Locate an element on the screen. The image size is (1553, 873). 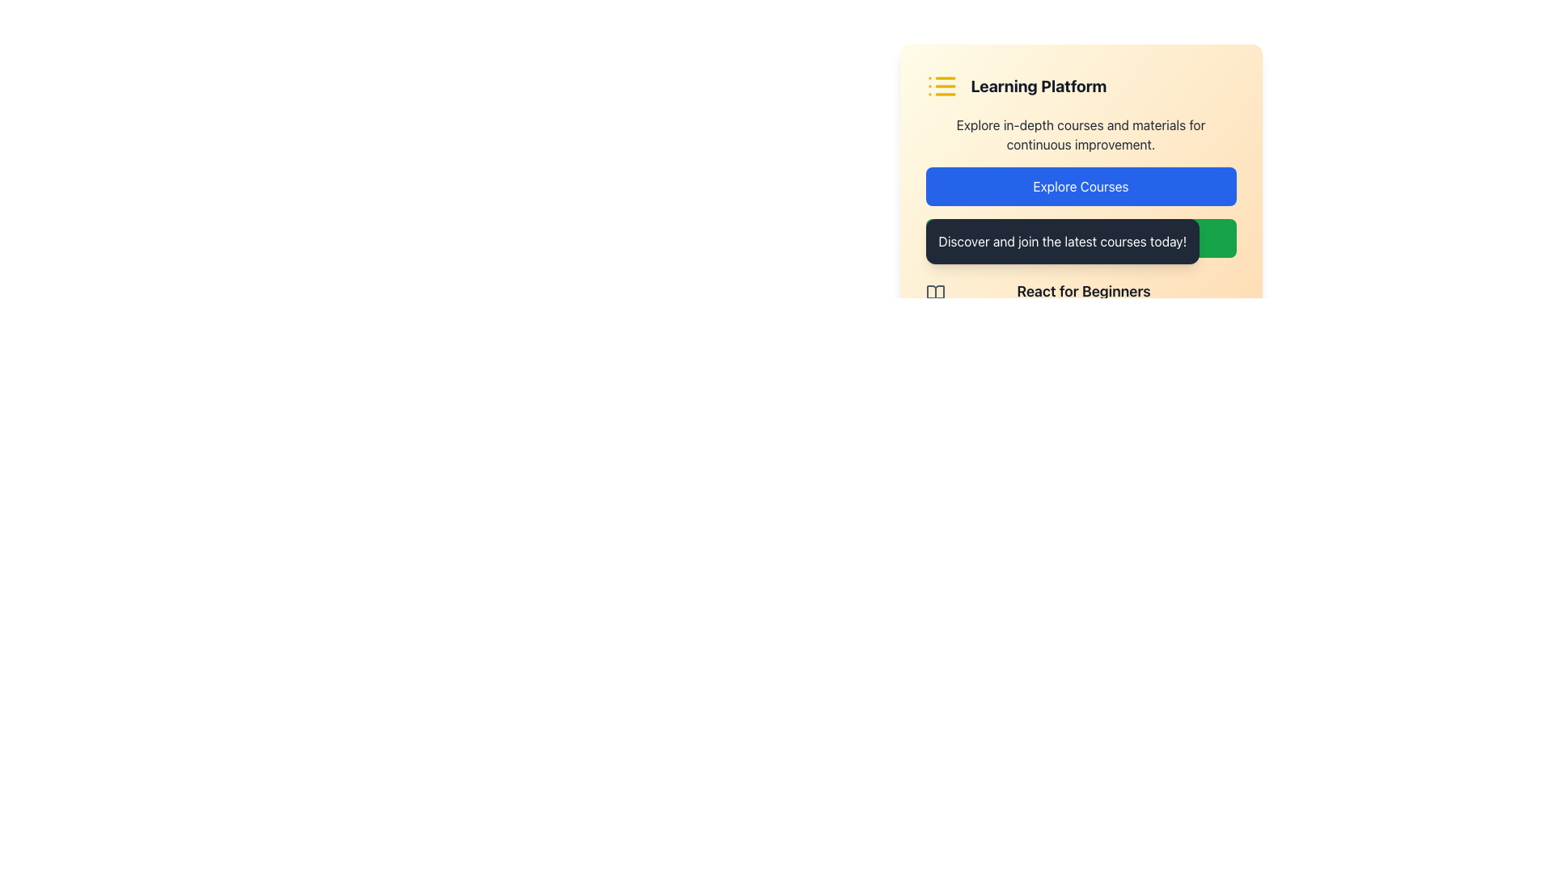
the textual content display element titled 'React for Beginners' which includes a subtitle 'A comprehensive guide to React.js fundamentals.' is located at coordinates (1083, 299).